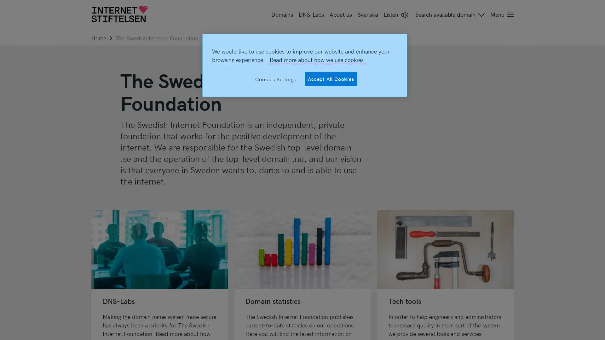 The width and height of the screenshot is (605, 340). Describe the element at coordinates (396, 14) in the screenshot. I see `Lyssna pa sidans text med ReadSpeaker` at that location.